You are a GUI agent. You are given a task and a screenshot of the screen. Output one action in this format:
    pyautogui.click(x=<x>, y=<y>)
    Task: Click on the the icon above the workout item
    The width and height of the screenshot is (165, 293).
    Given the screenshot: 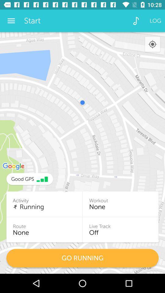 What is the action you would take?
    pyautogui.click(x=152, y=44)
    